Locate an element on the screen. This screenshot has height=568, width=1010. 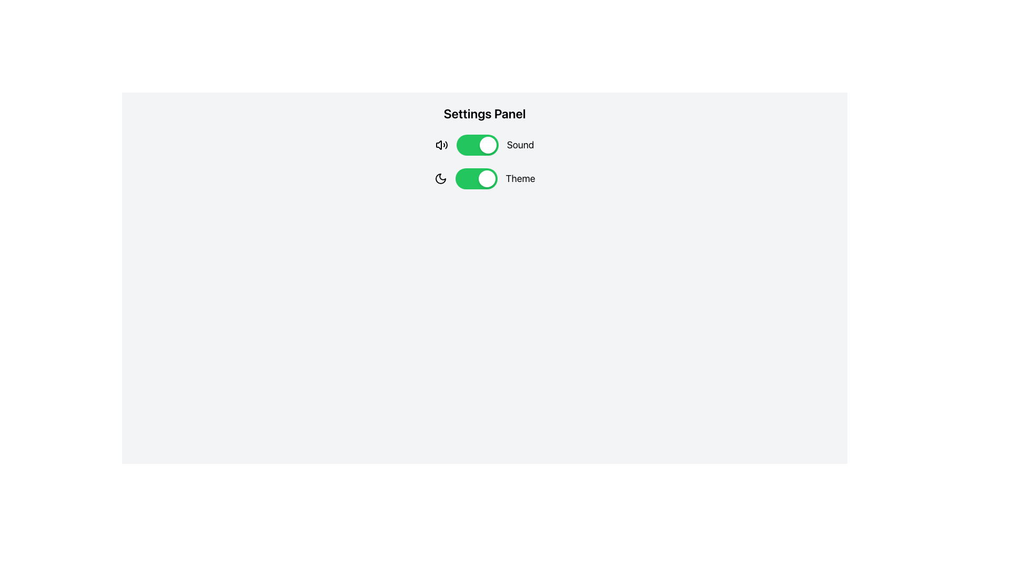
text of the 'Sound' label, which is a bold textual label located to the right of a toggle switch in the settings section is located at coordinates (520, 145).